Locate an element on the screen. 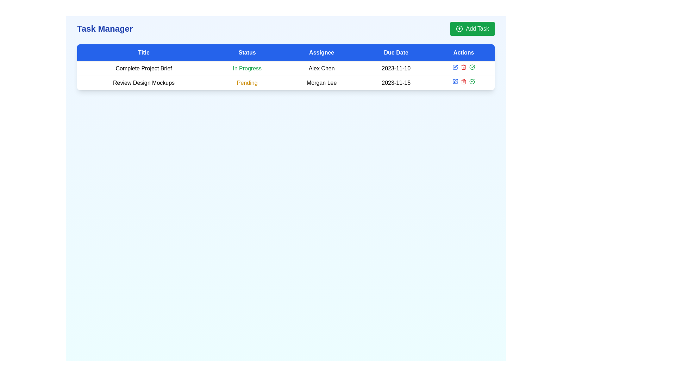  to select the first row of the task management table, which summarizes key information about the task is located at coordinates (286, 76).